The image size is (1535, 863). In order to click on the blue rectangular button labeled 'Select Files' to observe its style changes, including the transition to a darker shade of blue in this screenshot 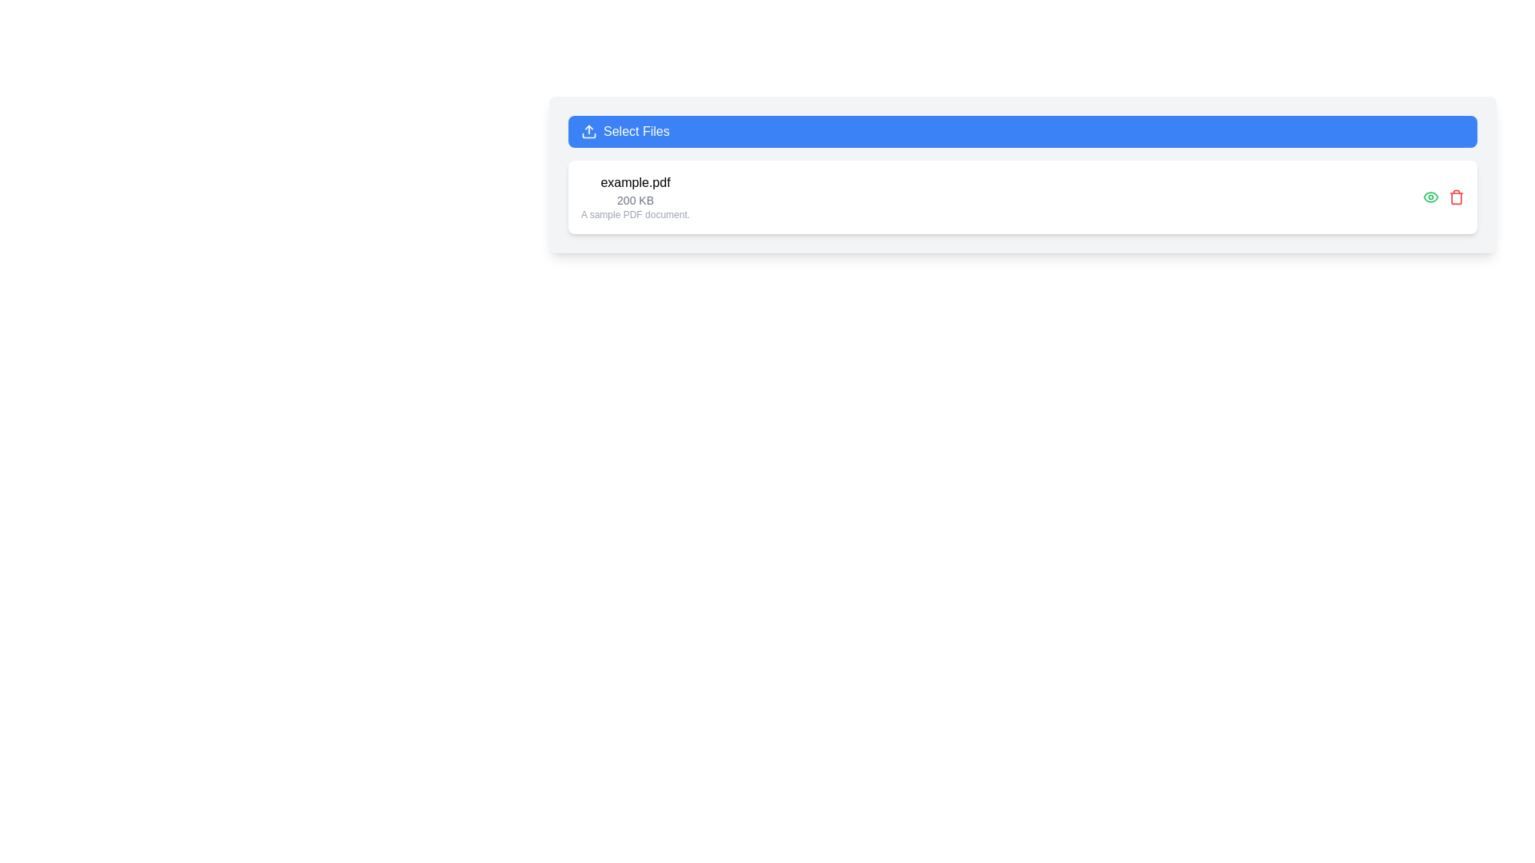, I will do `click(1022, 131)`.